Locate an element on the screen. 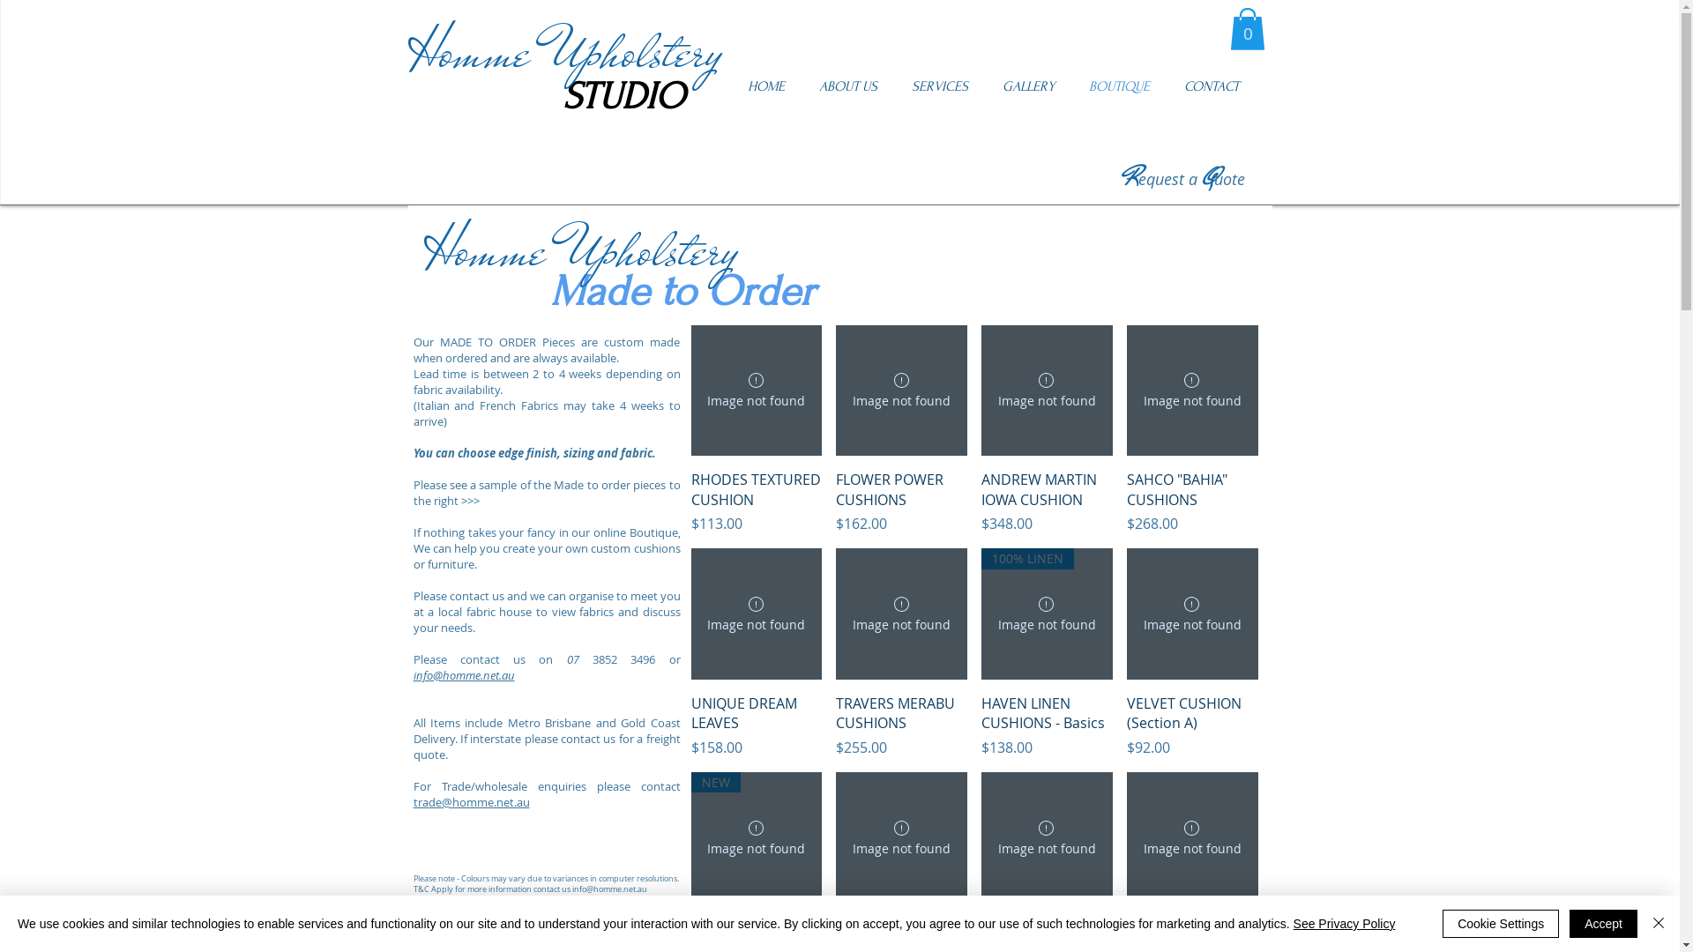 The width and height of the screenshot is (1693, 952). 'SERVICES' is located at coordinates (947, 86).